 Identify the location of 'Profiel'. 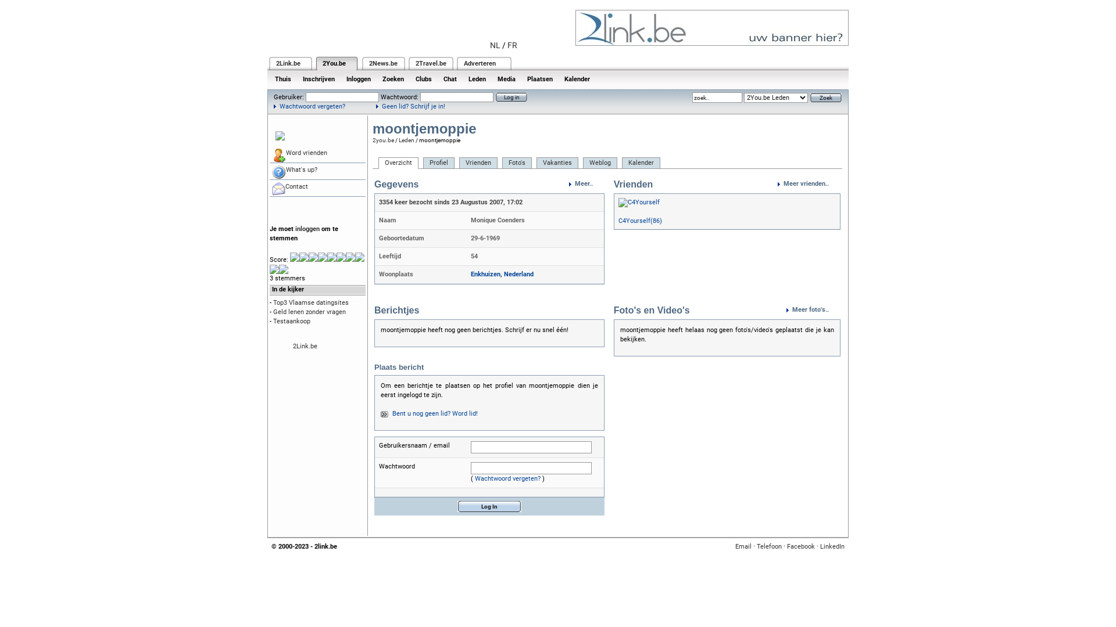
(438, 163).